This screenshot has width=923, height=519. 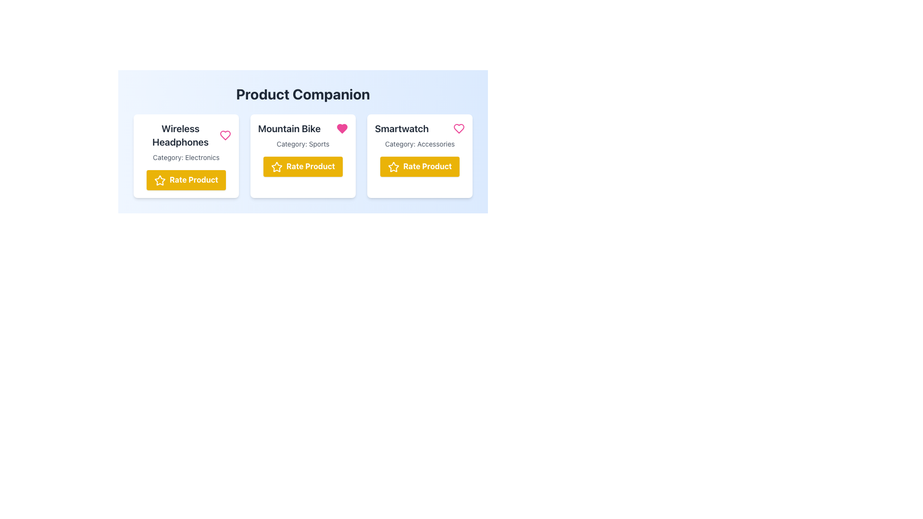 What do you see at coordinates (302, 128) in the screenshot?
I see `the 'Mountain Bike' text label, which is prominently displayed in bold font and accompanied by a pink heart icon, located at the top of a card in the center column` at bounding box center [302, 128].